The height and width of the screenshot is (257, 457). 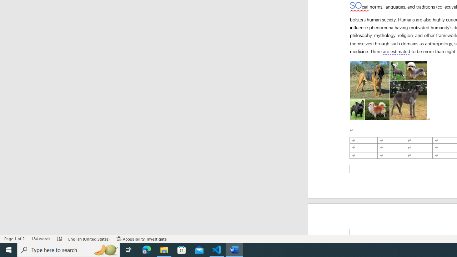 What do you see at coordinates (89, 239) in the screenshot?
I see `'Language English (United States)'` at bounding box center [89, 239].